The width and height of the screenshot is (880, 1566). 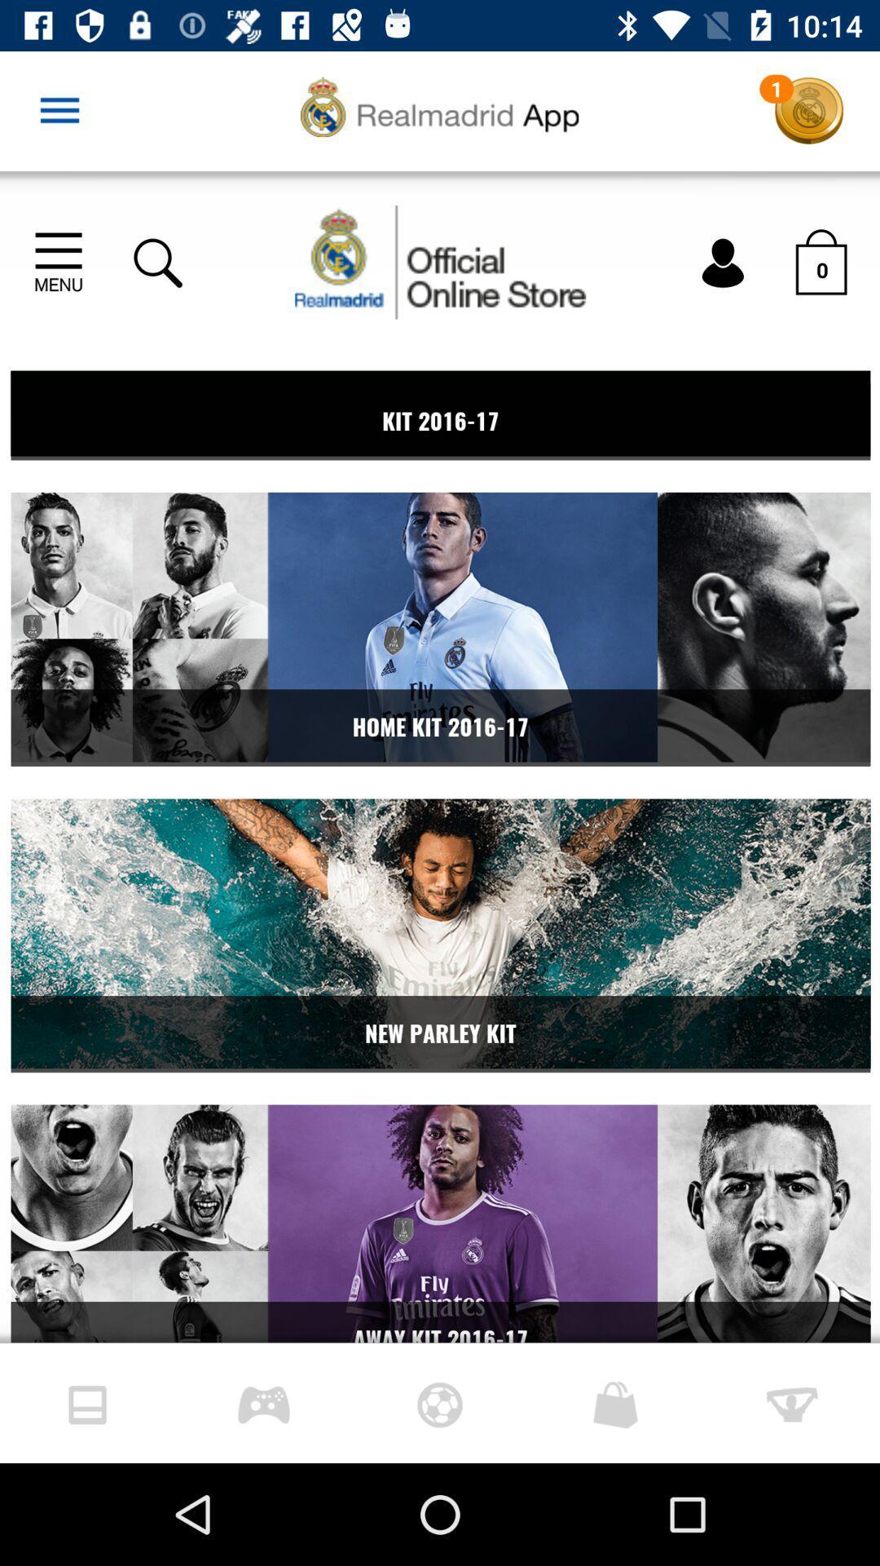 What do you see at coordinates (440, 756) in the screenshot?
I see `official real madrid app` at bounding box center [440, 756].